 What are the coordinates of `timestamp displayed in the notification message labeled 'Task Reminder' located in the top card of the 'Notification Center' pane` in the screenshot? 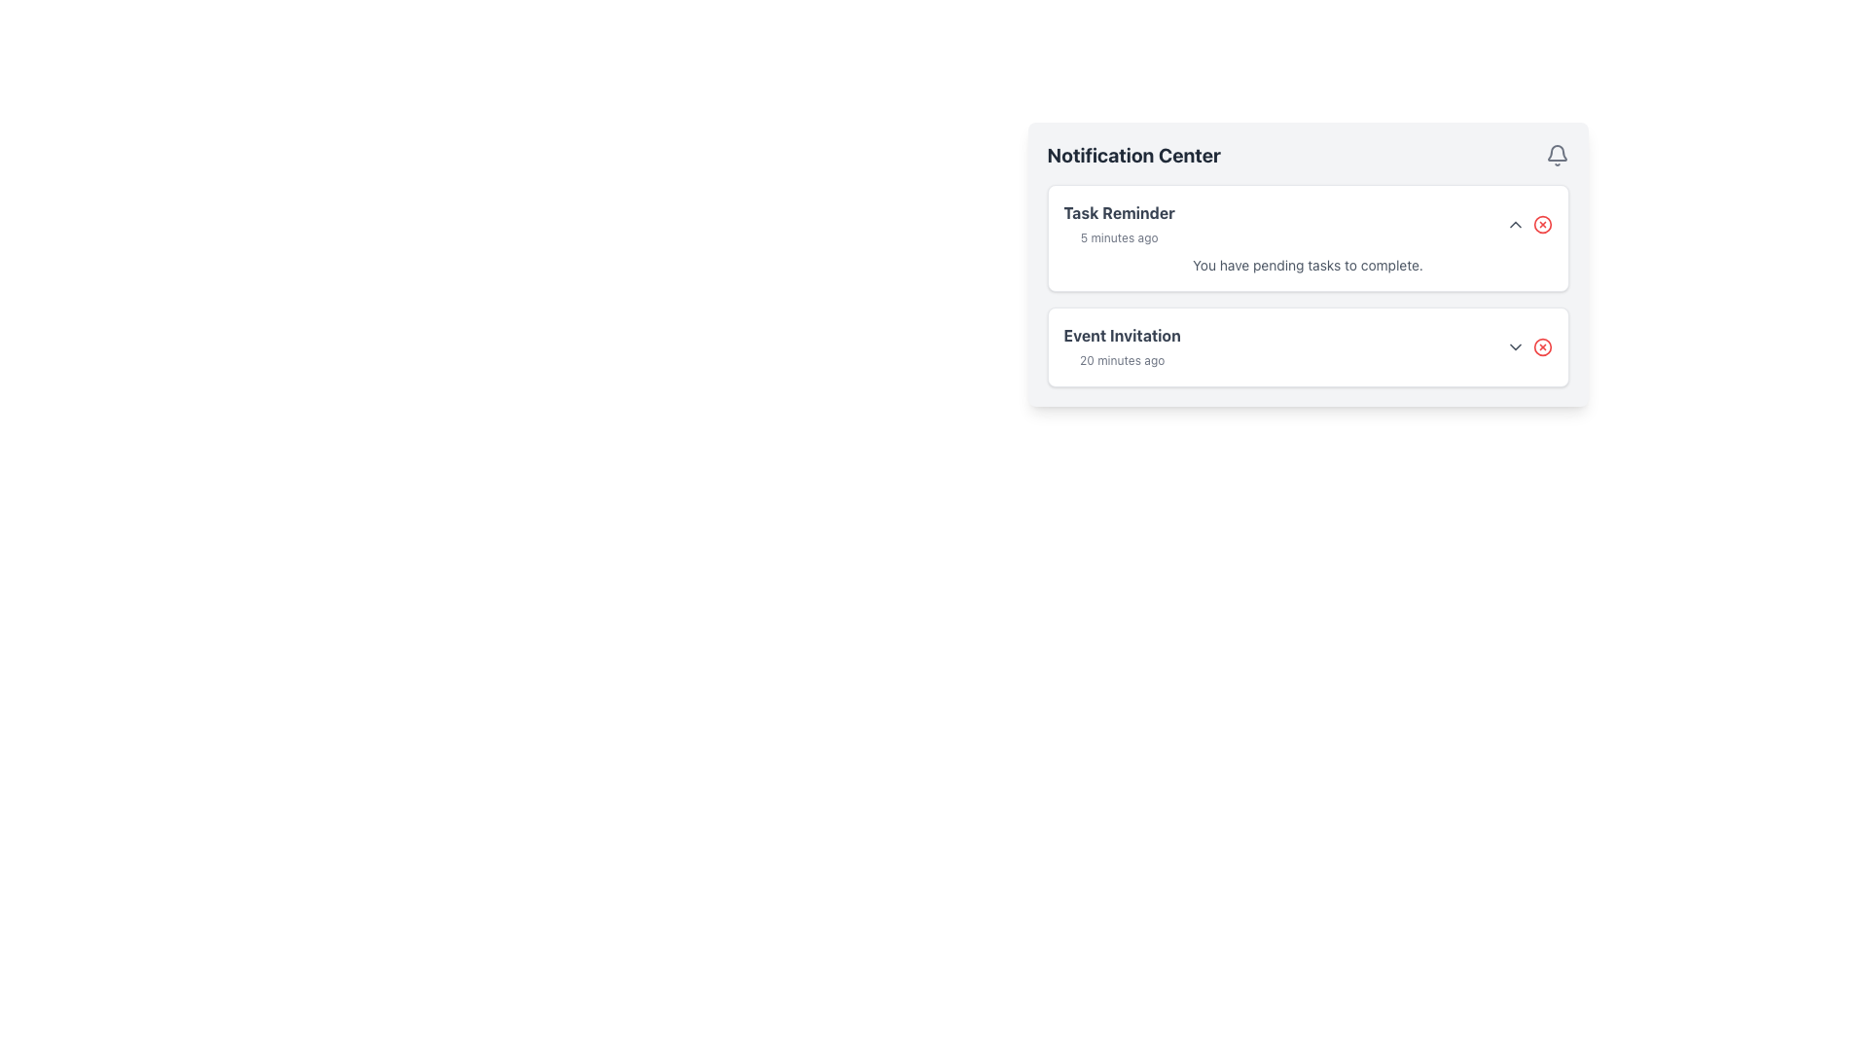 It's located at (1119, 224).